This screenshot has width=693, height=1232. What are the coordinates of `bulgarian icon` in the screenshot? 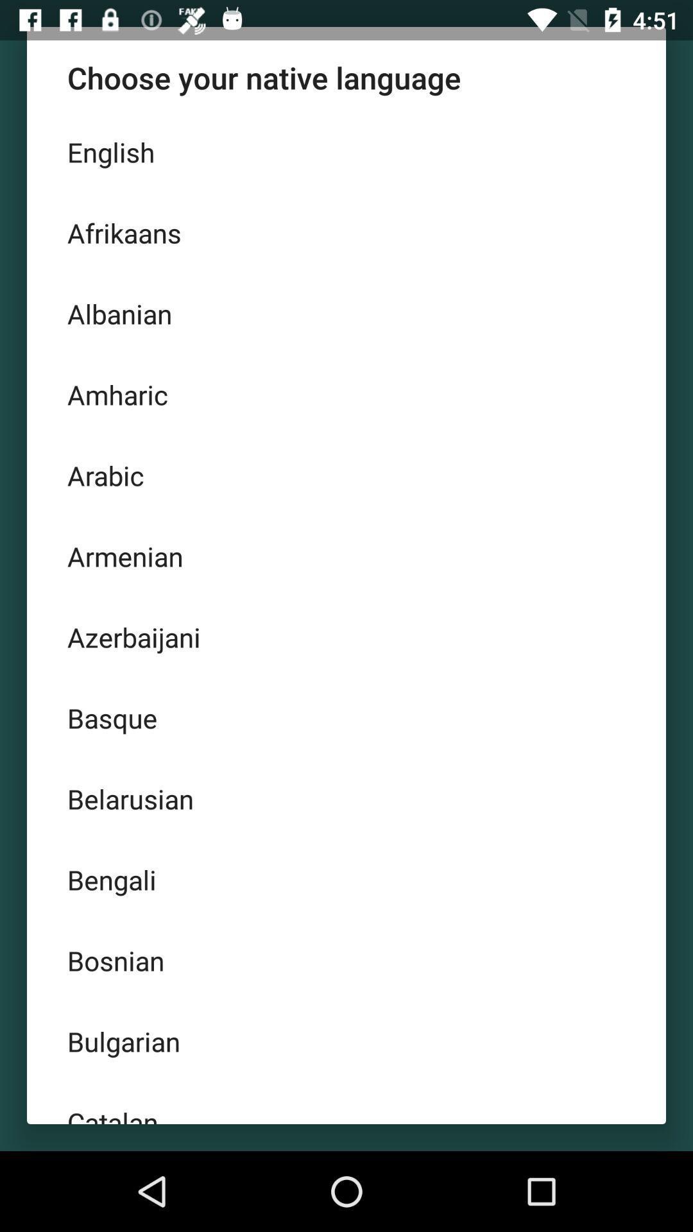 It's located at (346, 1041).